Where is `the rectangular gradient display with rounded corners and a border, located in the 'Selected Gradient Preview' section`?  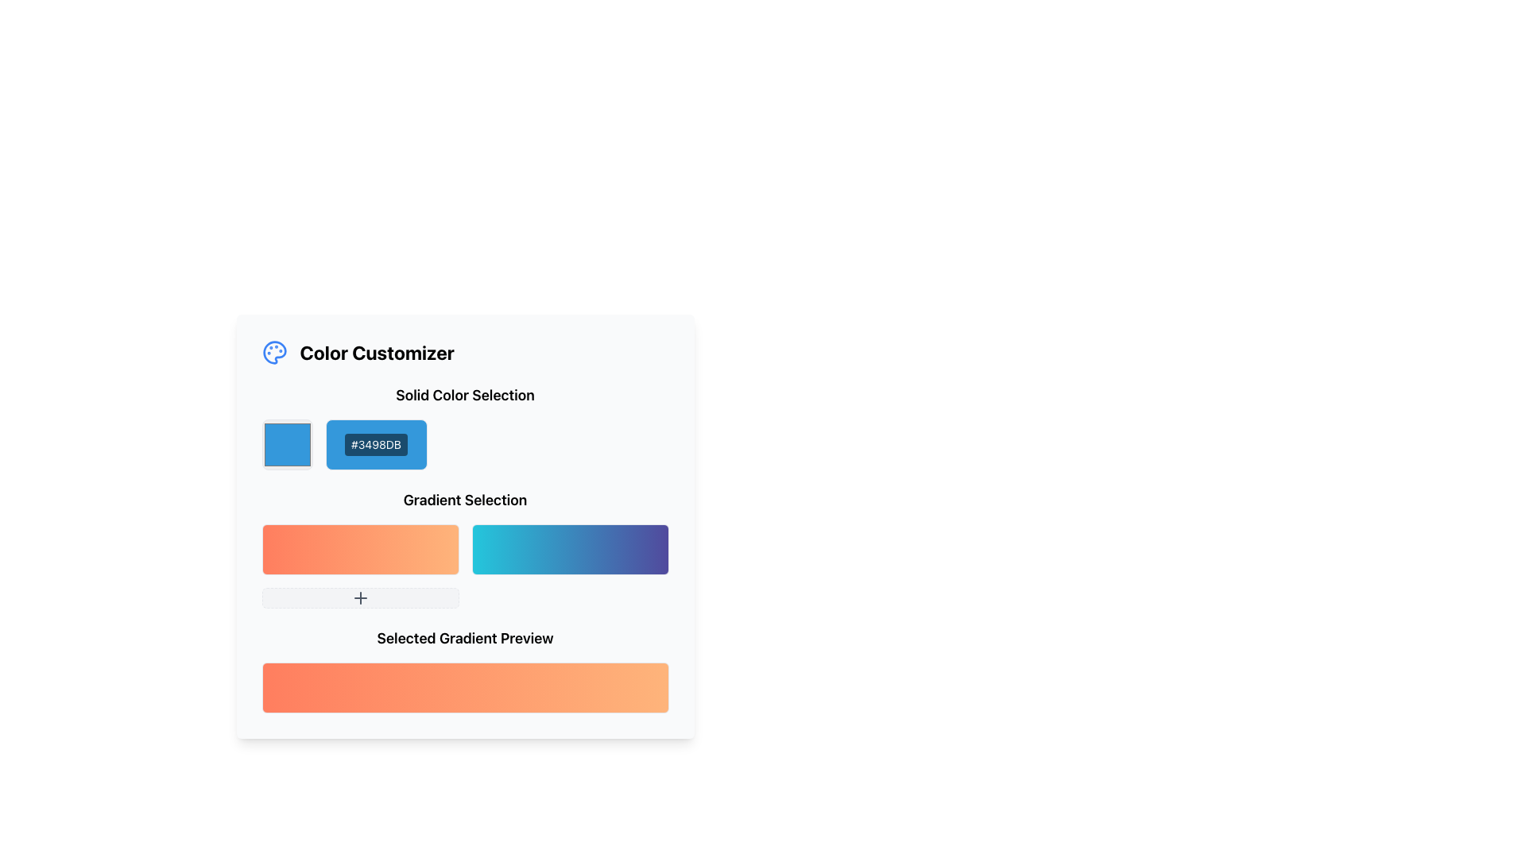 the rectangular gradient display with rounded corners and a border, located in the 'Selected Gradient Preview' section is located at coordinates (464, 687).